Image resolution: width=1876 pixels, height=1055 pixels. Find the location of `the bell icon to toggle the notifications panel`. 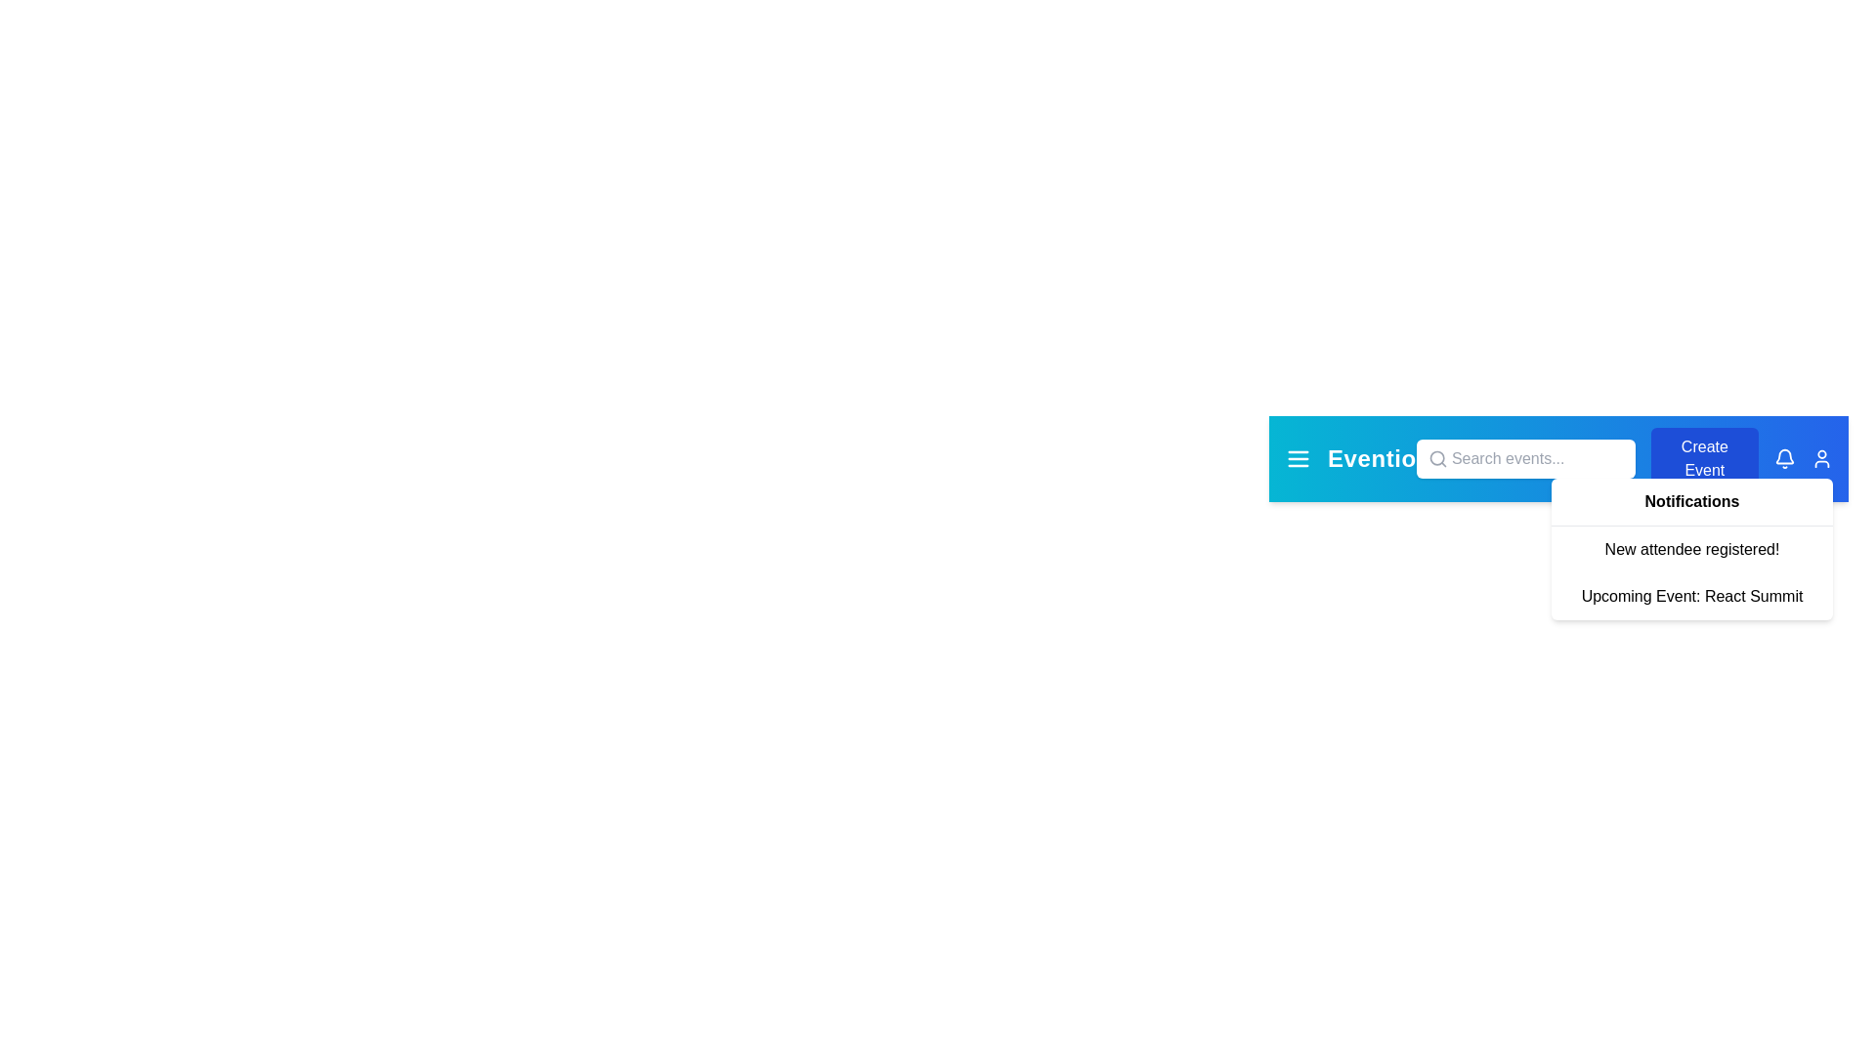

the bell icon to toggle the notifications panel is located at coordinates (1784, 459).